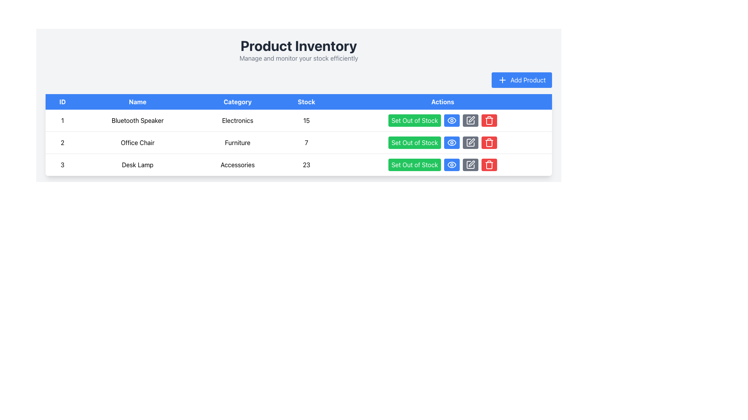 The image size is (748, 420). I want to click on the eye icon element representing visibility toggle in the 'Actions' column adjacent to the 'Set Out of Stock' button for 'Office Chair' via keyboard navigation, so click(452, 120).